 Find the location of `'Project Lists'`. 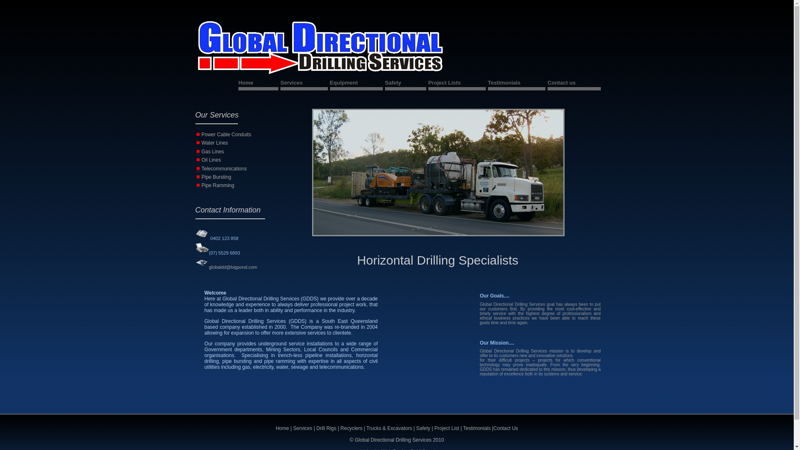

'Project Lists' is located at coordinates (457, 84).